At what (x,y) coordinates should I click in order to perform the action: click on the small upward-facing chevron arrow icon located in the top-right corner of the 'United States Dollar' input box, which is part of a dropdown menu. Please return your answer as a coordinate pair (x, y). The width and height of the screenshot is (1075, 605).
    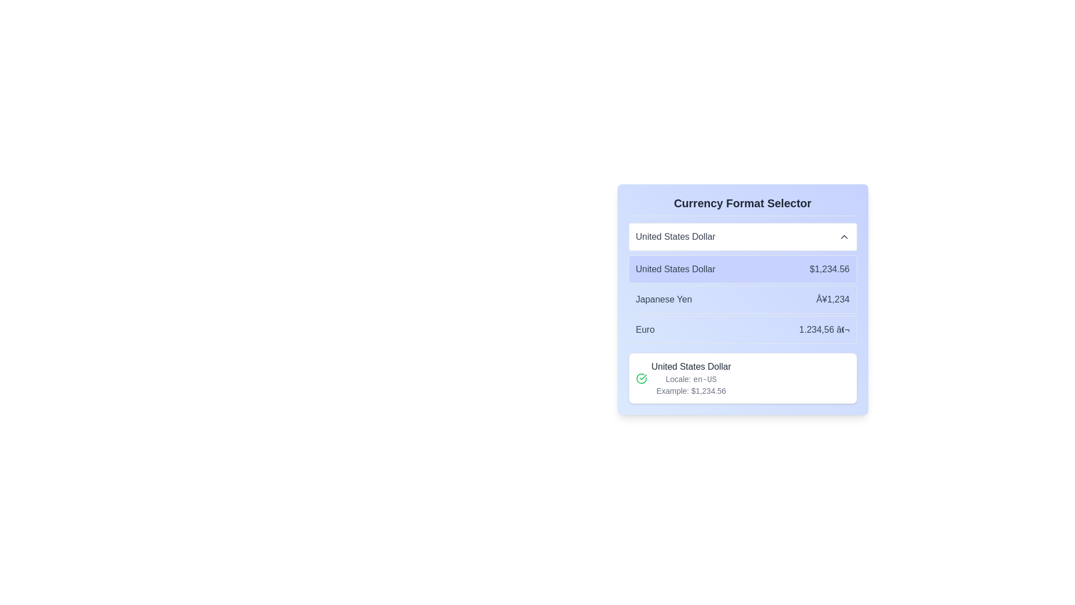
    Looking at the image, I should click on (844, 236).